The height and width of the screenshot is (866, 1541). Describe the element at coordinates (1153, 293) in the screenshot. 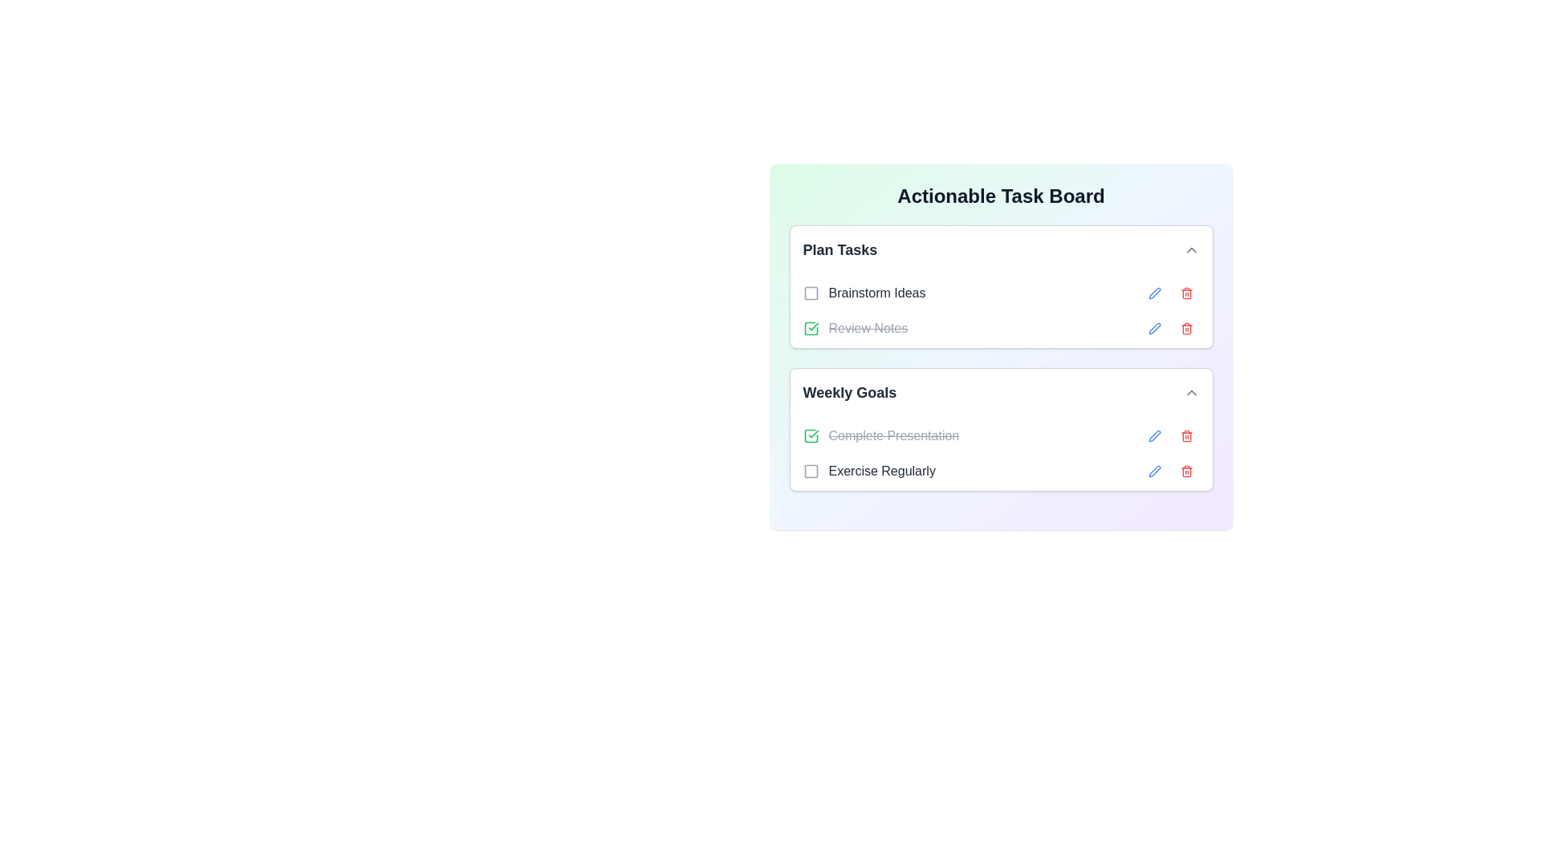

I see `the edit icon, which resembles a pen or pencil, located inside the first task item 'Brainstorm Ideas' in the 'Plan Tasks' category` at that location.